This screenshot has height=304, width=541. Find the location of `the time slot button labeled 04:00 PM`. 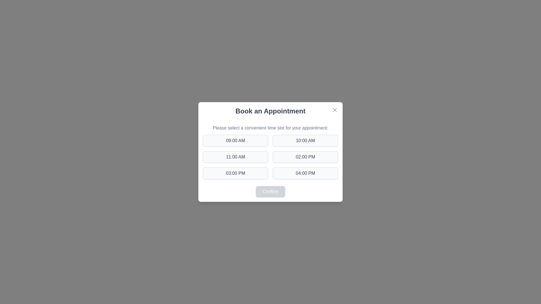

the time slot button labeled 04:00 PM is located at coordinates (305, 173).